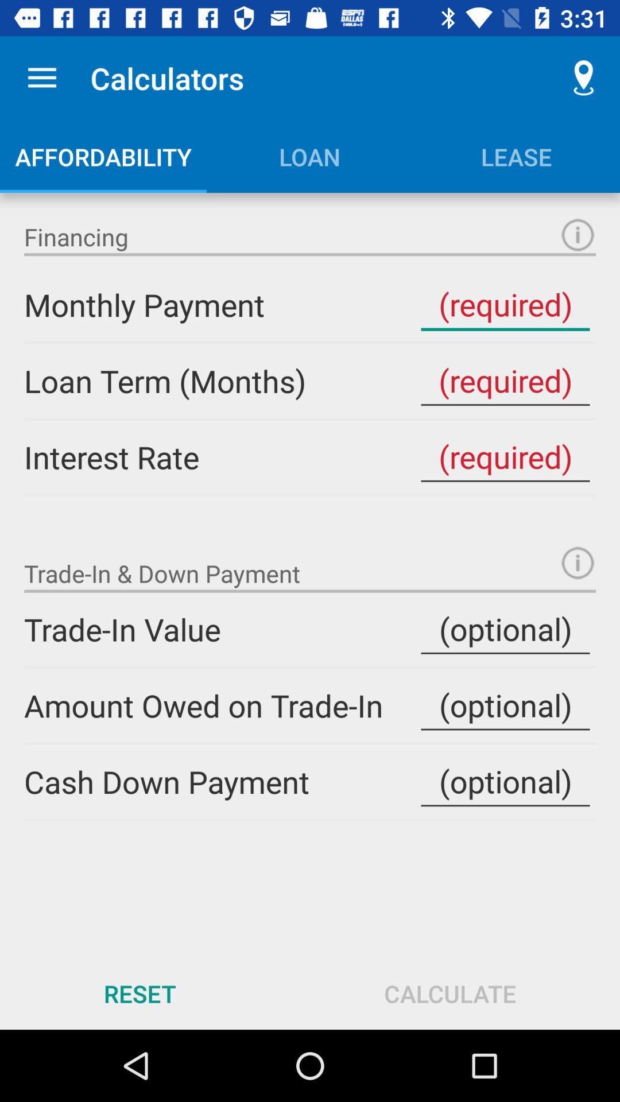 The height and width of the screenshot is (1102, 620). What do you see at coordinates (578, 234) in the screenshot?
I see `get more information` at bounding box center [578, 234].